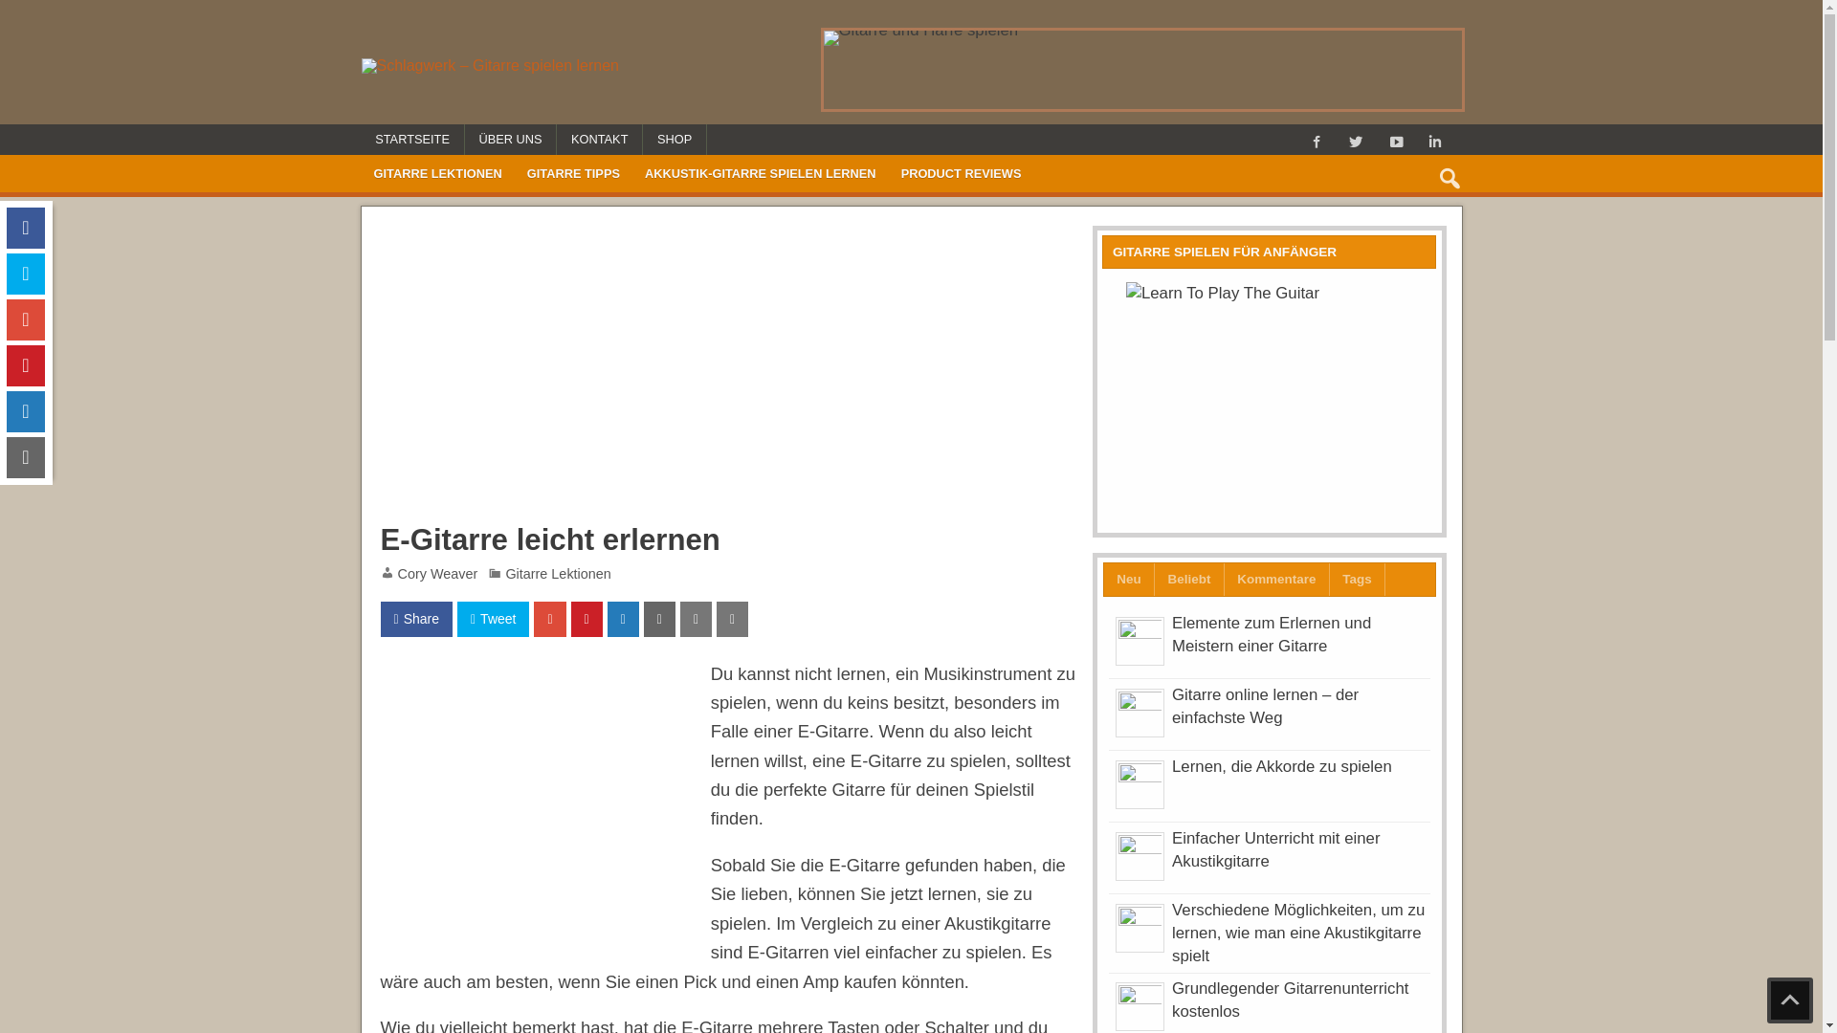 This screenshot has height=1033, width=1837. What do you see at coordinates (26, 410) in the screenshot?
I see `'Share On Linkedin'` at bounding box center [26, 410].